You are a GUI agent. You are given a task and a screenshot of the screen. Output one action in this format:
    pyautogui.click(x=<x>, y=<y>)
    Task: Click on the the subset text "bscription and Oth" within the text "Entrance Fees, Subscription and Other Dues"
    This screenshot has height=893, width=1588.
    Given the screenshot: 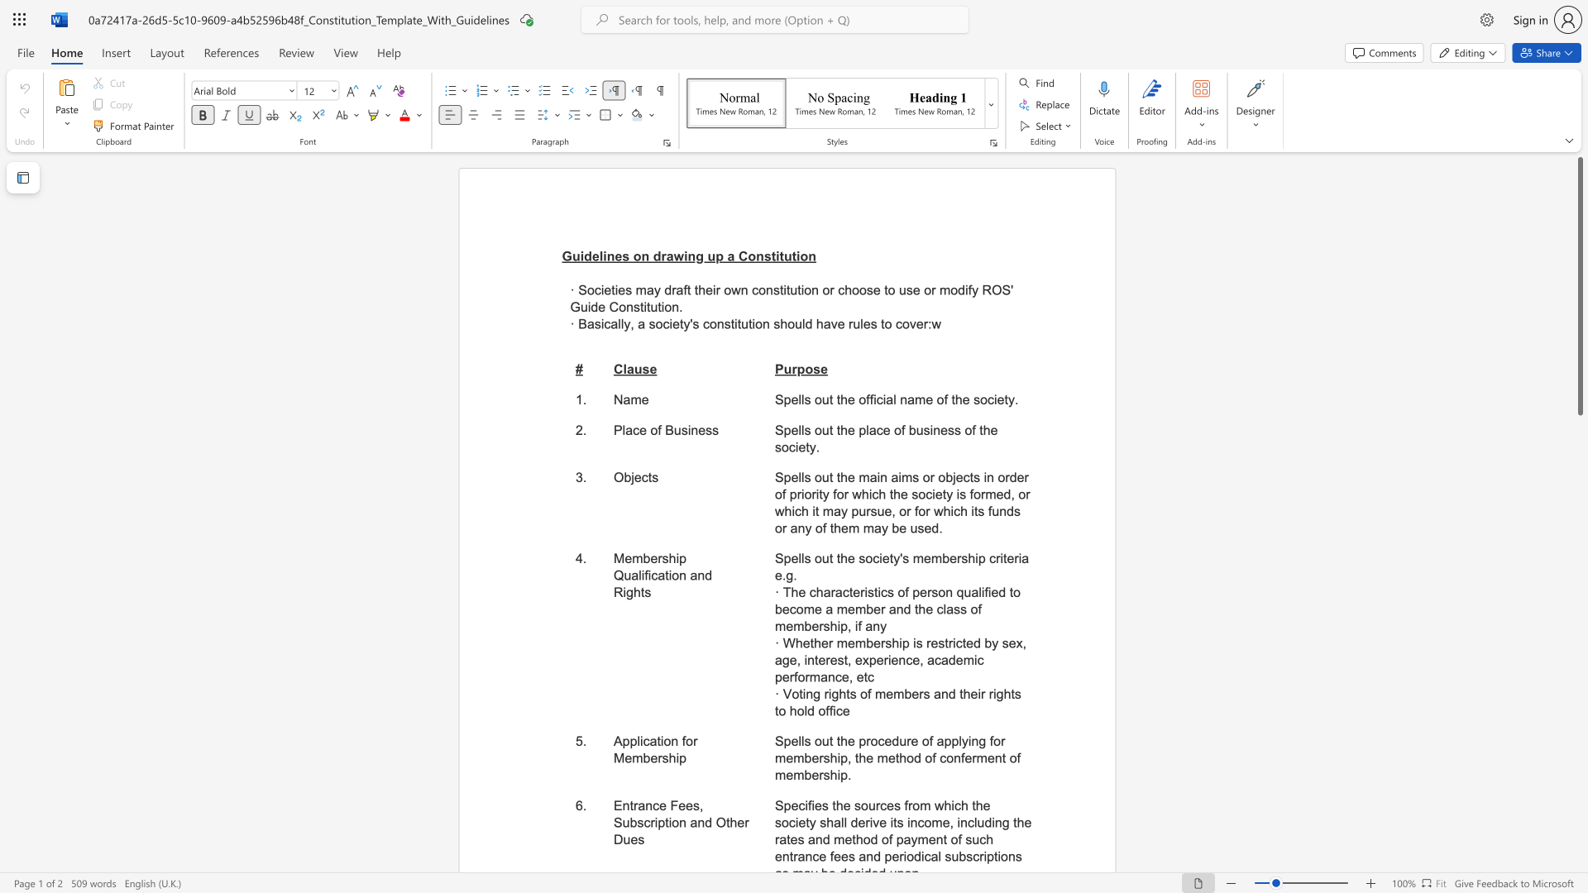 What is the action you would take?
    pyautogui.click(x=629, y=823)
    